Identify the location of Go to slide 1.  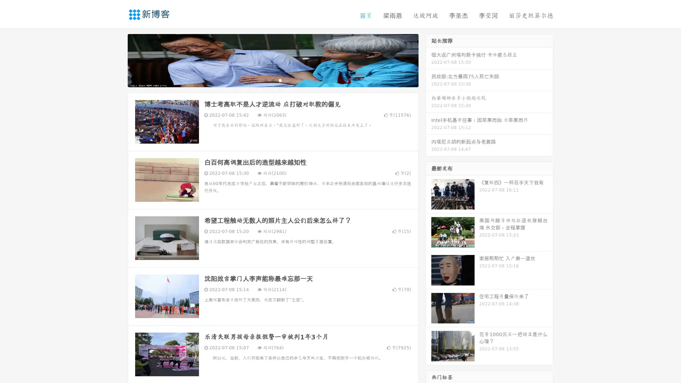
(265, 80).